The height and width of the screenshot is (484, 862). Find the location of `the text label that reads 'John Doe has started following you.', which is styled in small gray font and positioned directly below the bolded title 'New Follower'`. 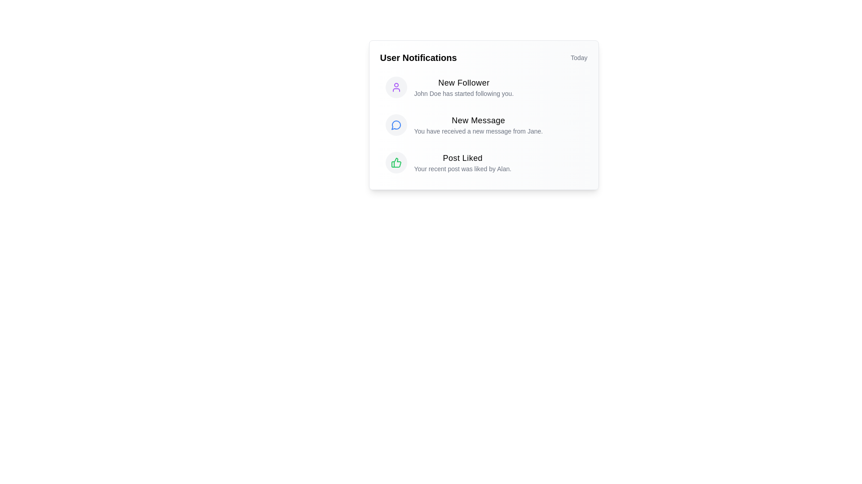

the text label that reads 'John Doe has started following you.', which is styled in small gray font and positioned directly below the bolded title 'New Follower' is located at coordinates (464, 93).